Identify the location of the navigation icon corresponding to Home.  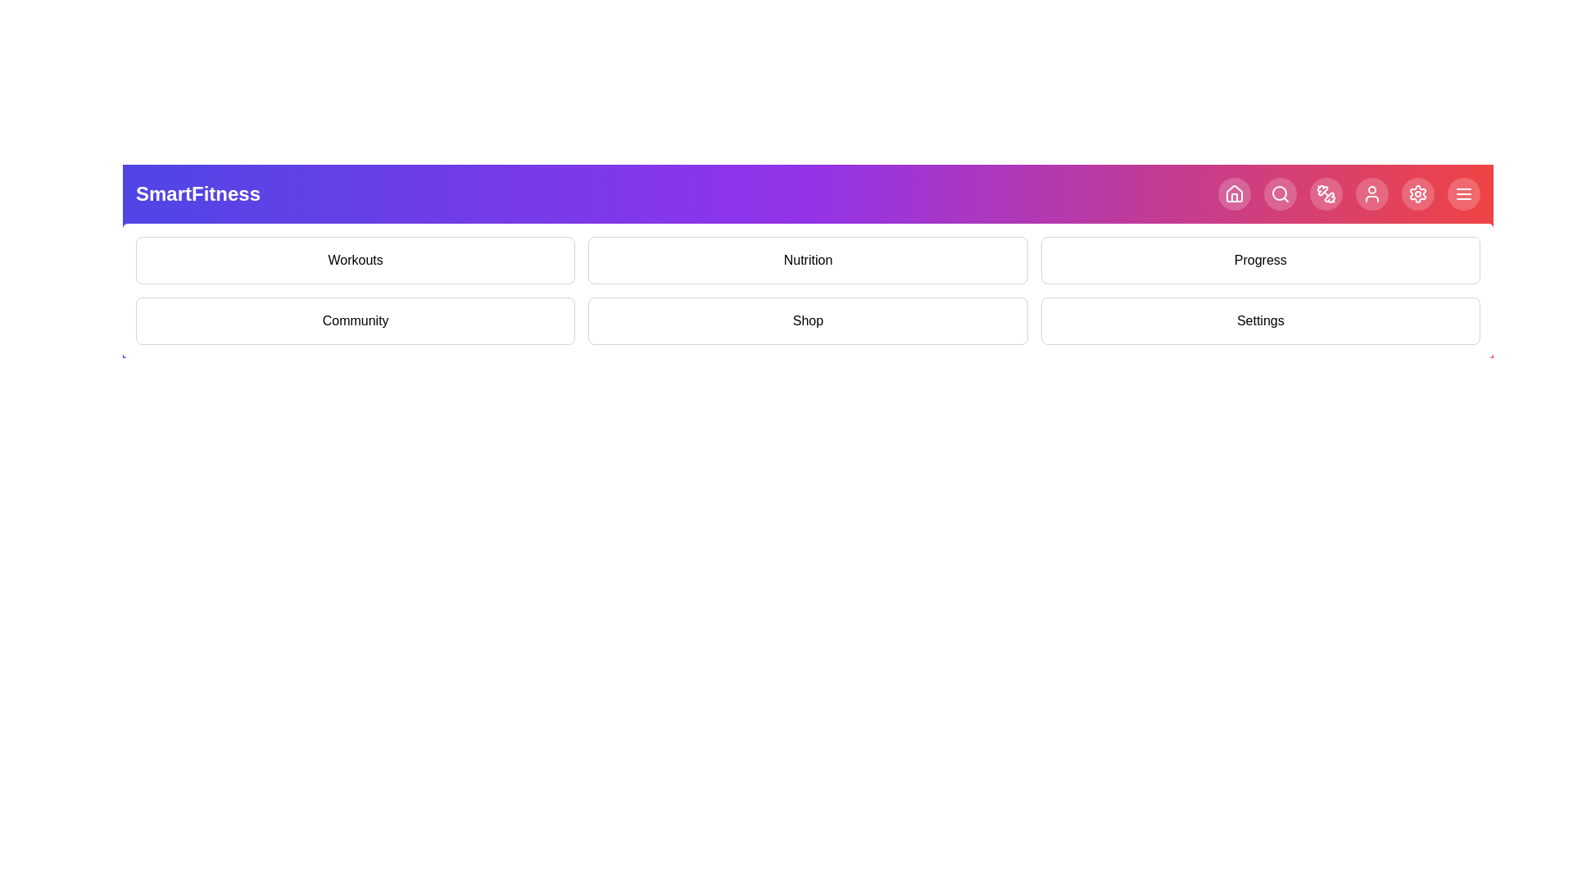
(1235, 193).